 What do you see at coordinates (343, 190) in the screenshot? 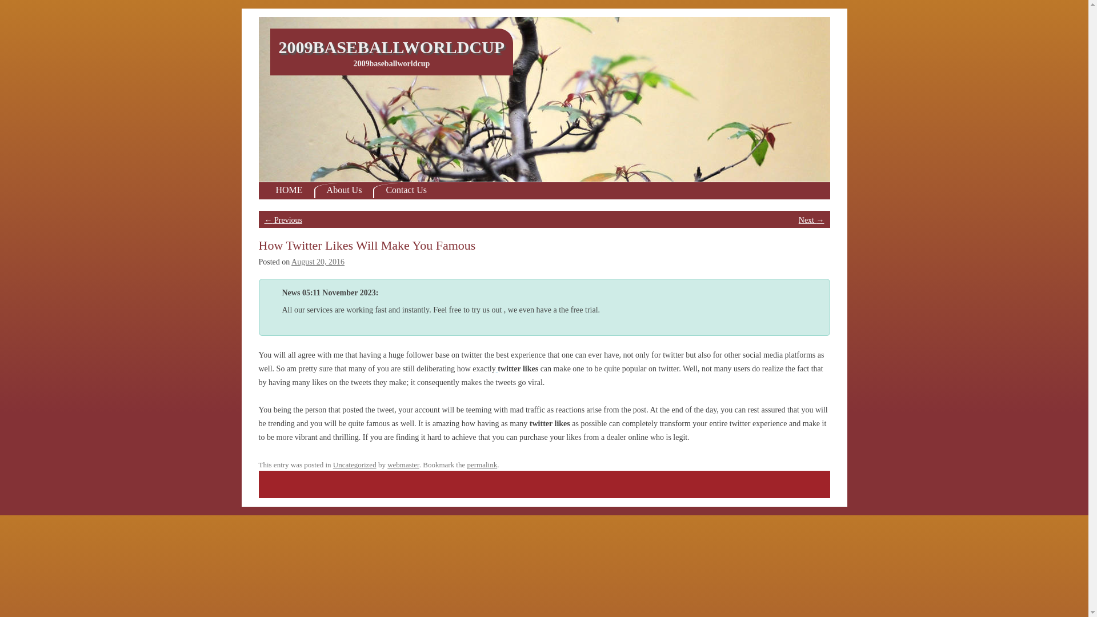
I see `'About Us'` at bounding box center [343, 190].